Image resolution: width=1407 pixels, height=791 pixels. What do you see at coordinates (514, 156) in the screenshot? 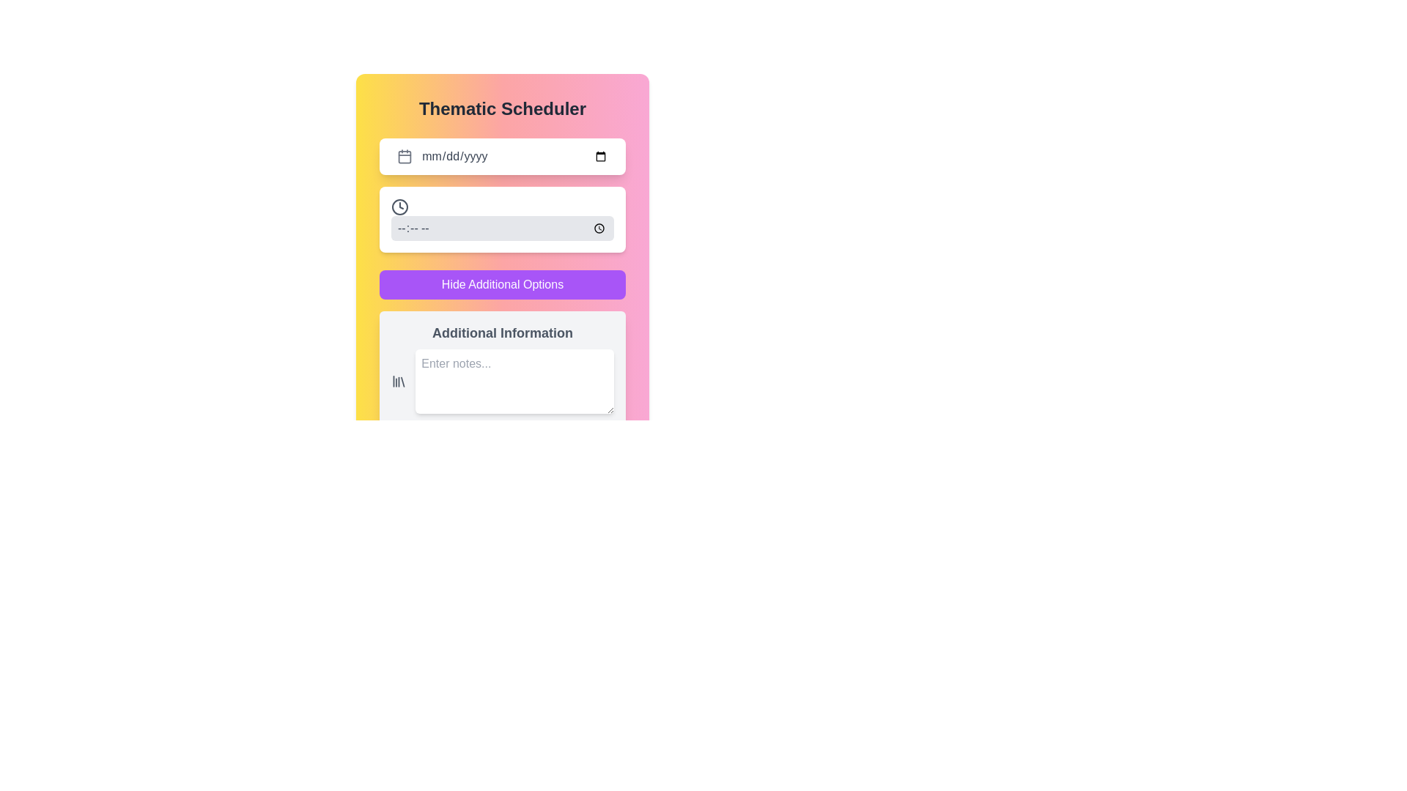
I see `the date input field with placeholder 'mm/dd/yyyy'` at bounding box center [514, 156].